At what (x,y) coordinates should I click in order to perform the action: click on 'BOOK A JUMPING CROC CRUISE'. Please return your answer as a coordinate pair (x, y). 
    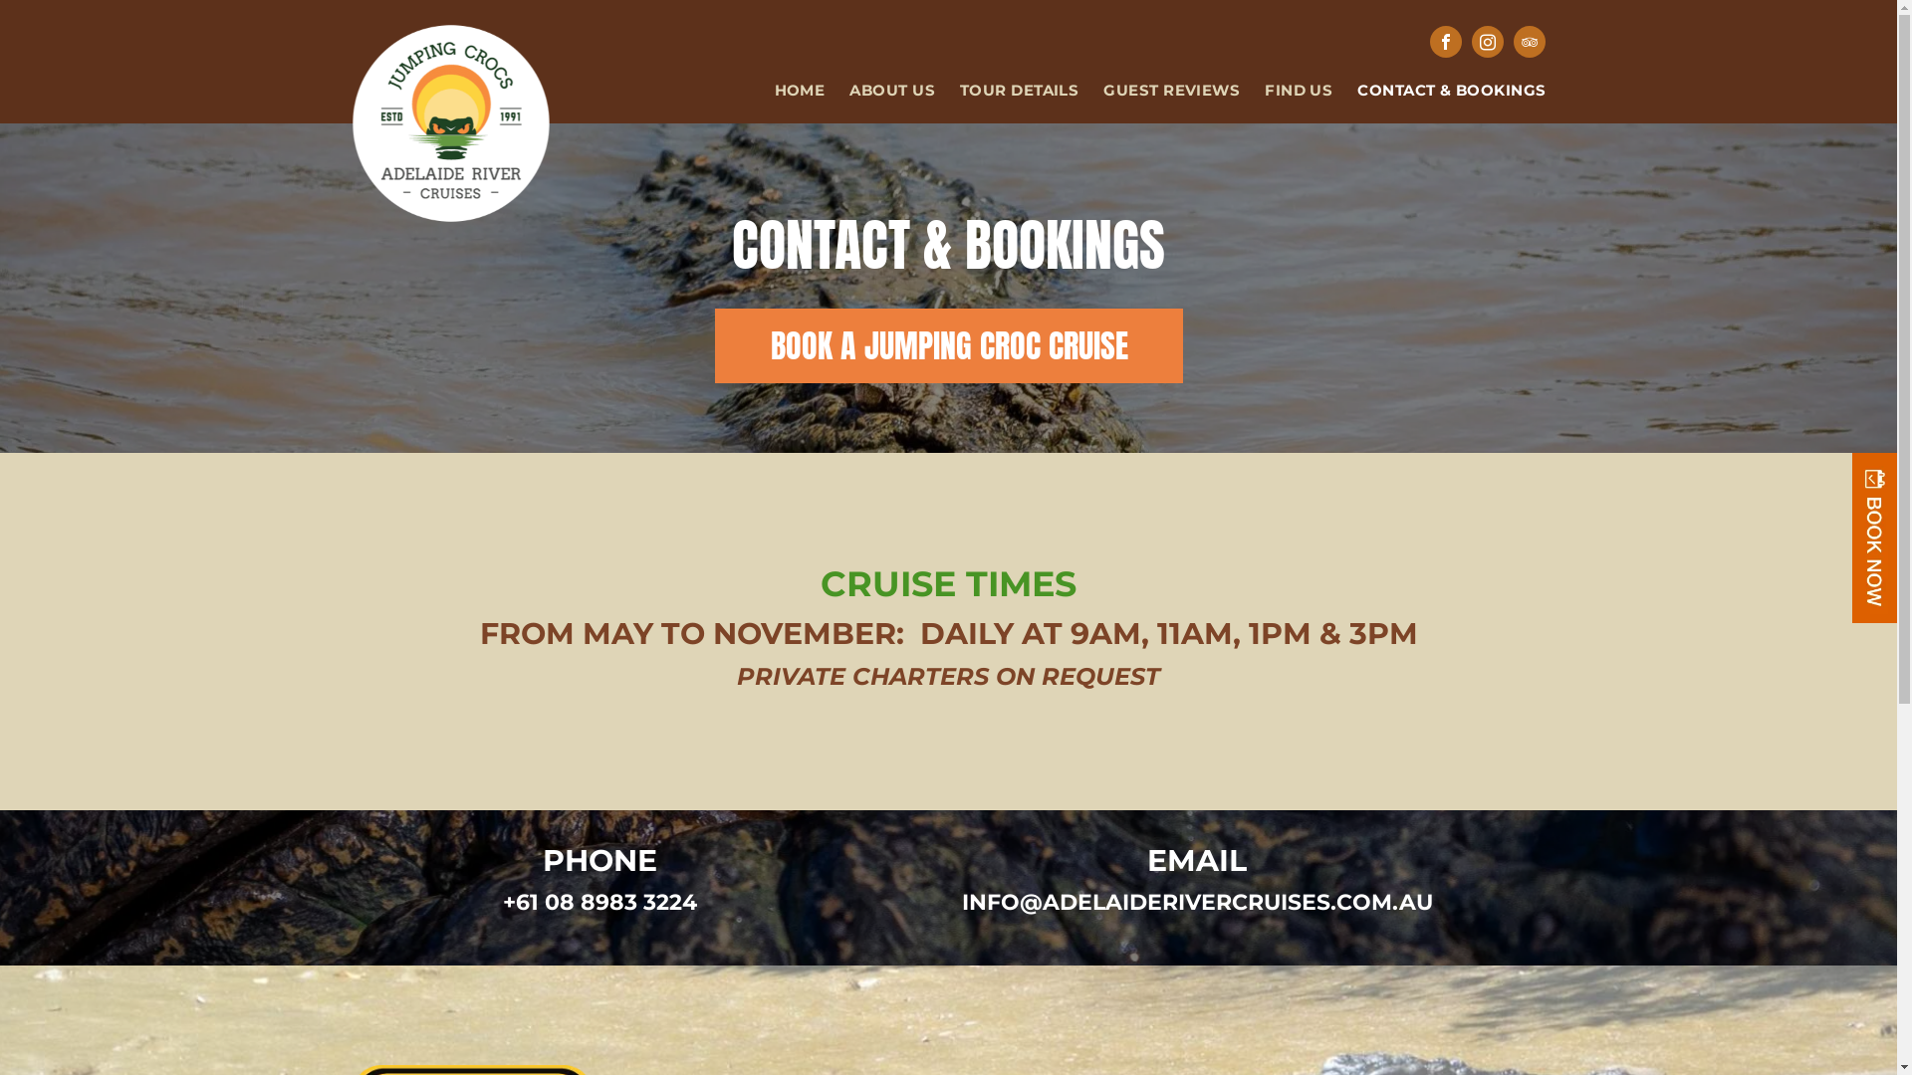
    Looking at the image, I should click on (947, 344).